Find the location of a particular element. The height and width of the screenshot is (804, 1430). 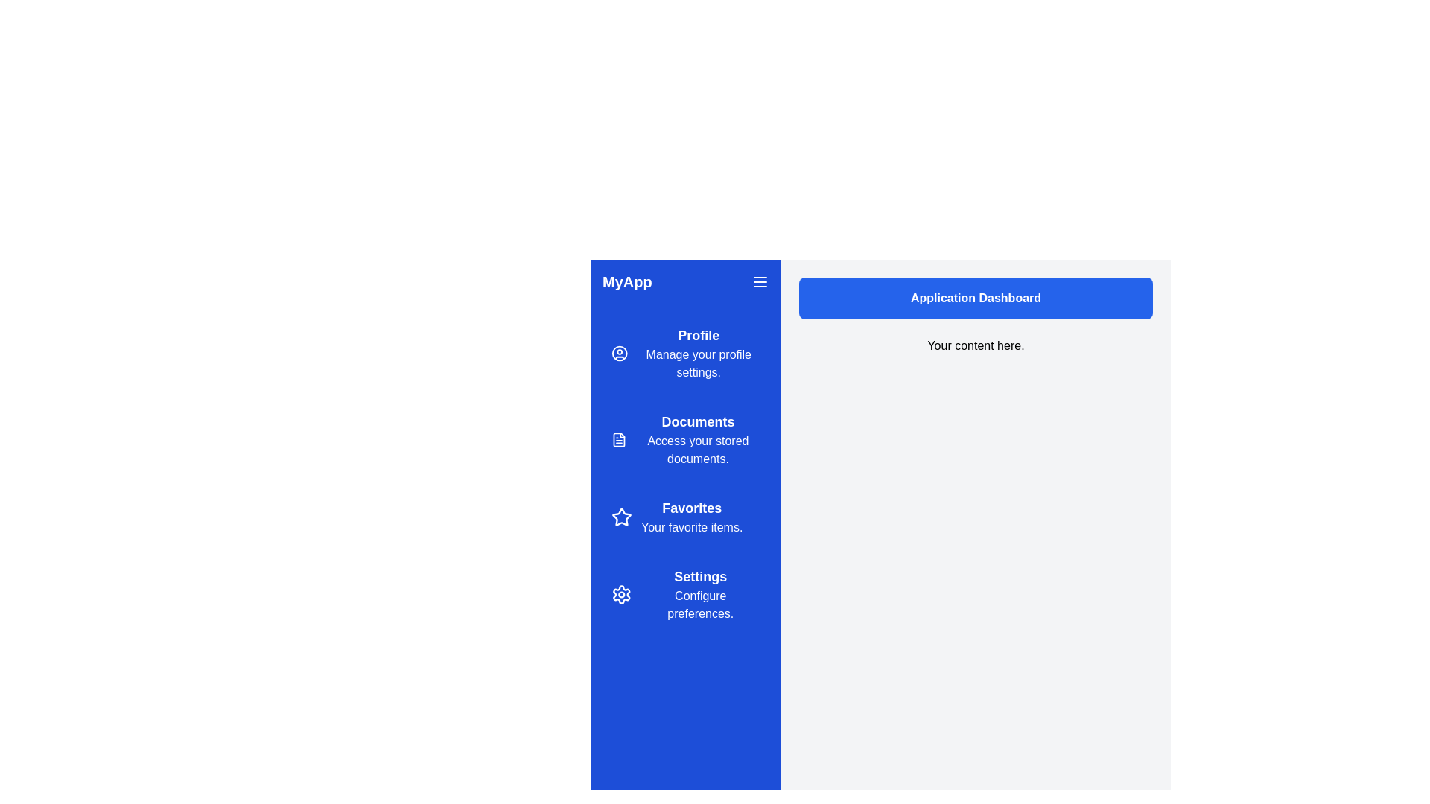

the navigation item Favorites from the drawer is located at coordinates (685, 516).